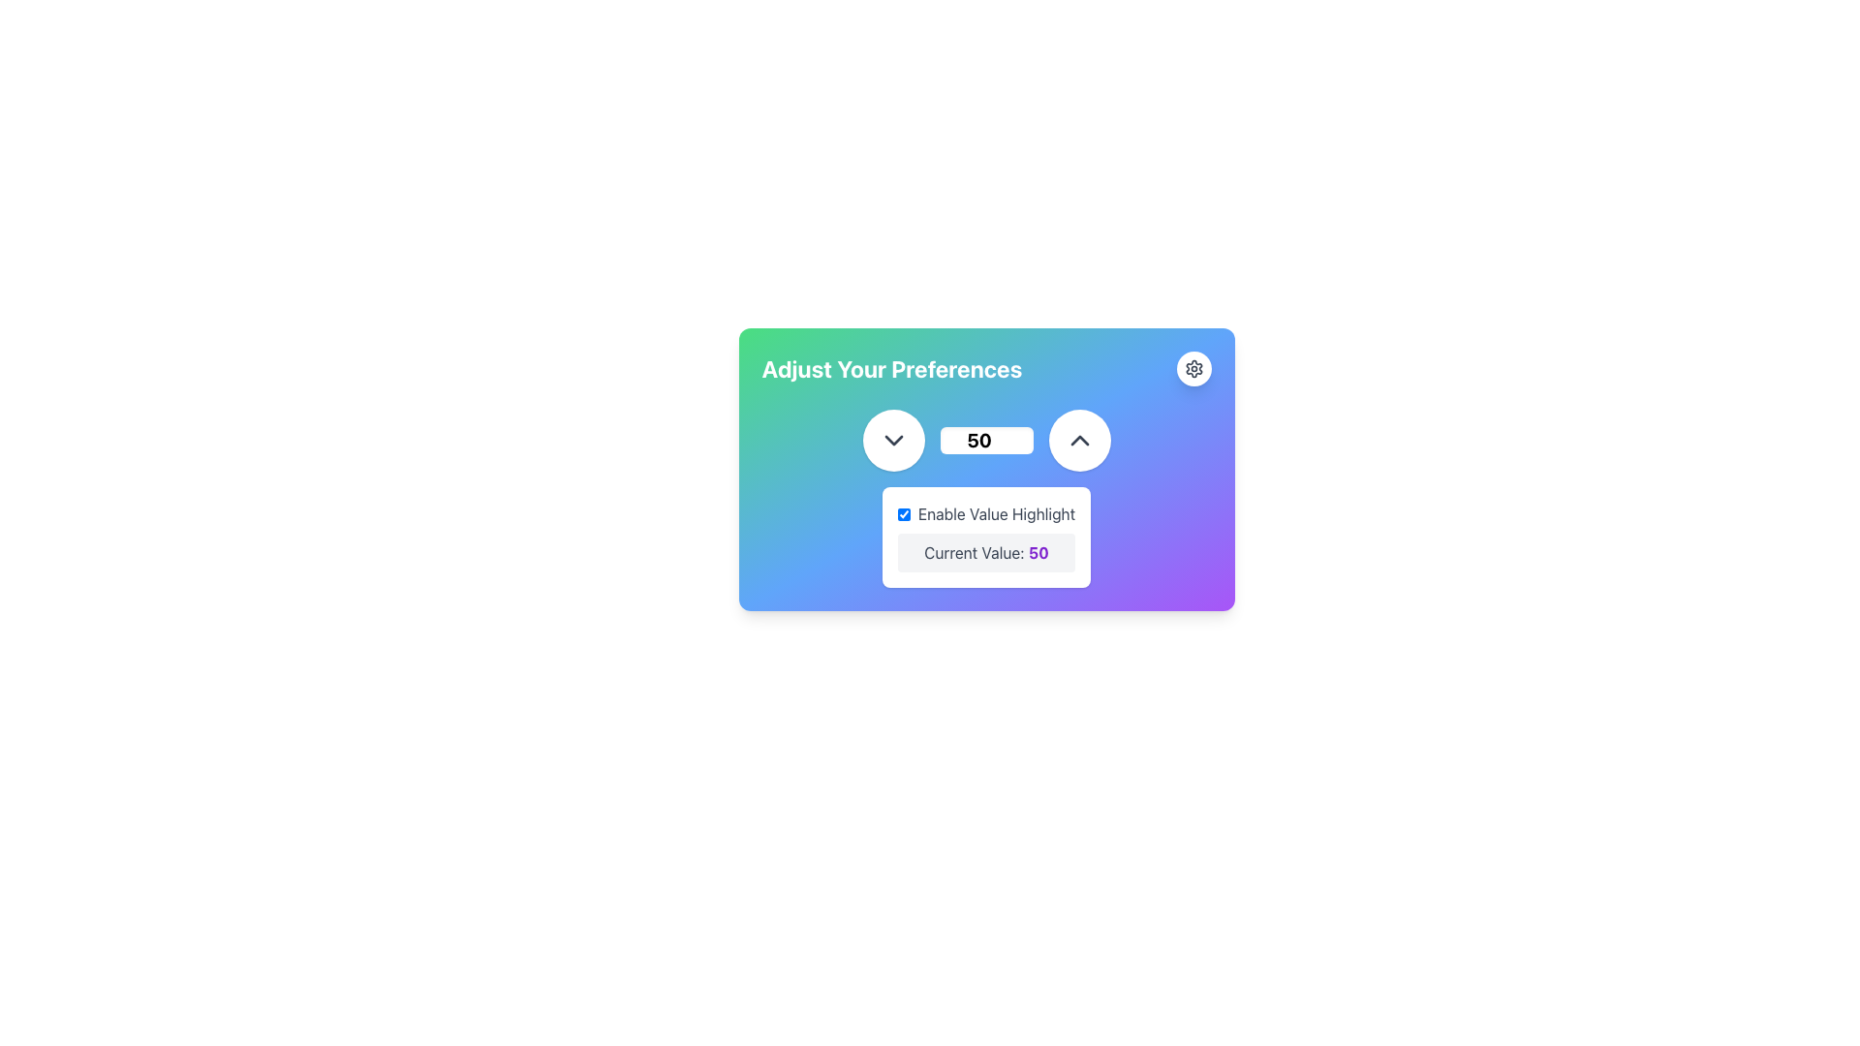  I want to click on the leftmost circular button, which features a white background and a dark gray downward-facing chevron icon, to decrement the value, so click(892, 441).